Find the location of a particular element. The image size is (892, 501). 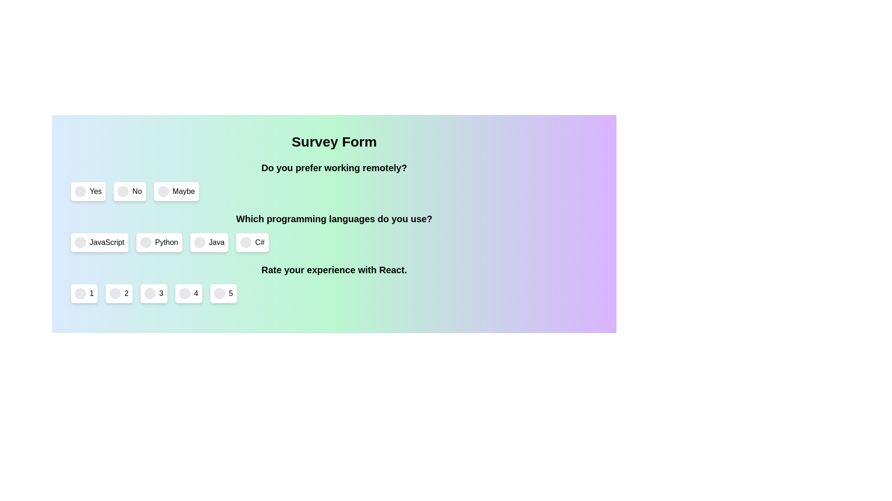

the circular radio button styled as an indicator for the rating '5' in the survey form is located at coordinates (219, 293).